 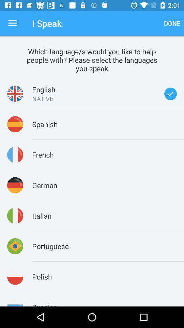 I want to click on item above which language s, so click(x=12, y=23).